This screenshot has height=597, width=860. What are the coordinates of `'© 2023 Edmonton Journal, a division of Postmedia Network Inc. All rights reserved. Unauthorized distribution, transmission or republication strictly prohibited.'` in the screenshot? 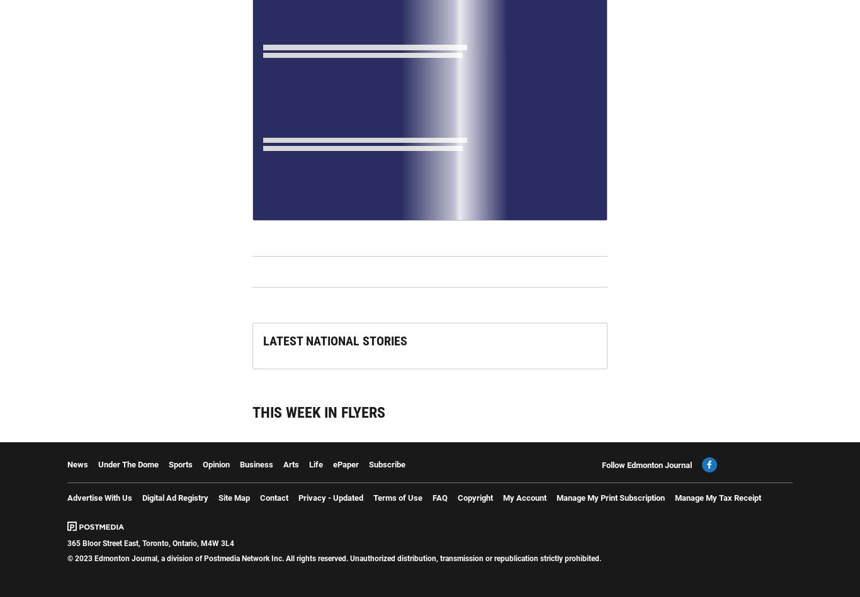 It's located at (334, 557).